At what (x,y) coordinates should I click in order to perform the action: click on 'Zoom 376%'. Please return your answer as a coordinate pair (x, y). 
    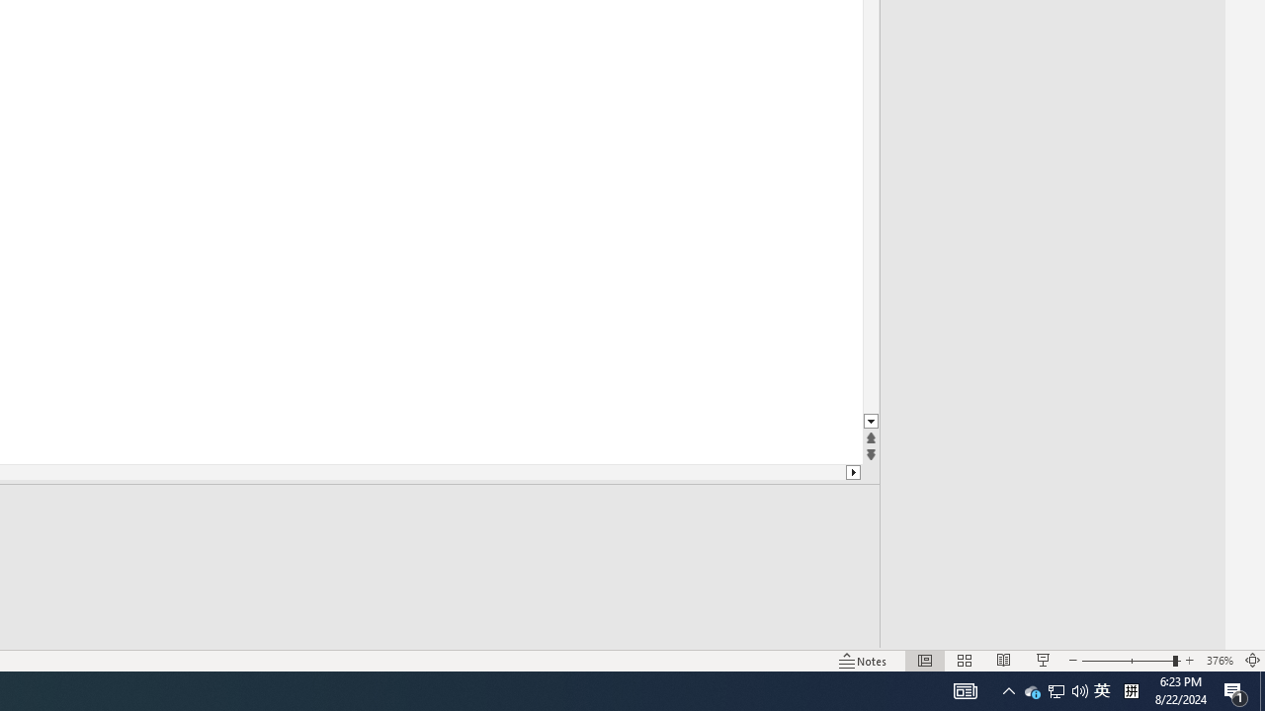
    Looking at the image, I should click on (1219, 661).